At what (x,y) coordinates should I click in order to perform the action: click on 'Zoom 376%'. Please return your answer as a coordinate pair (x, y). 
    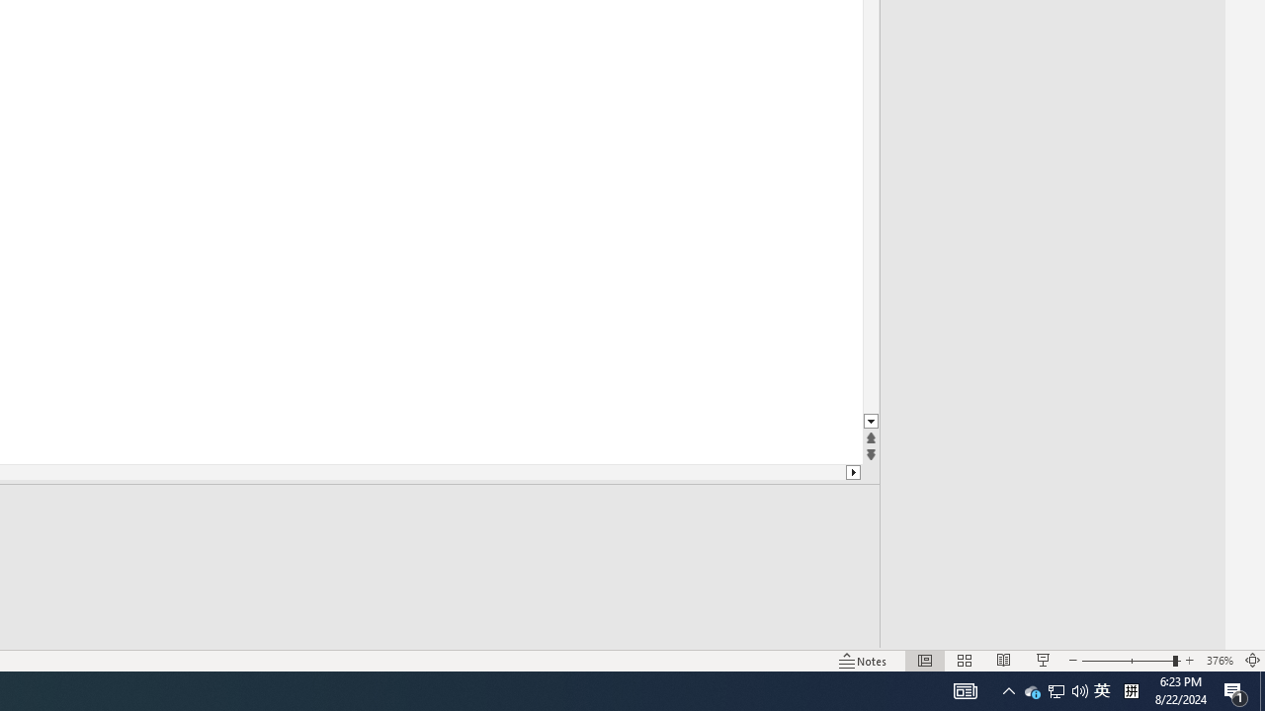
    Looking at the image, I should click on (1219, 661).